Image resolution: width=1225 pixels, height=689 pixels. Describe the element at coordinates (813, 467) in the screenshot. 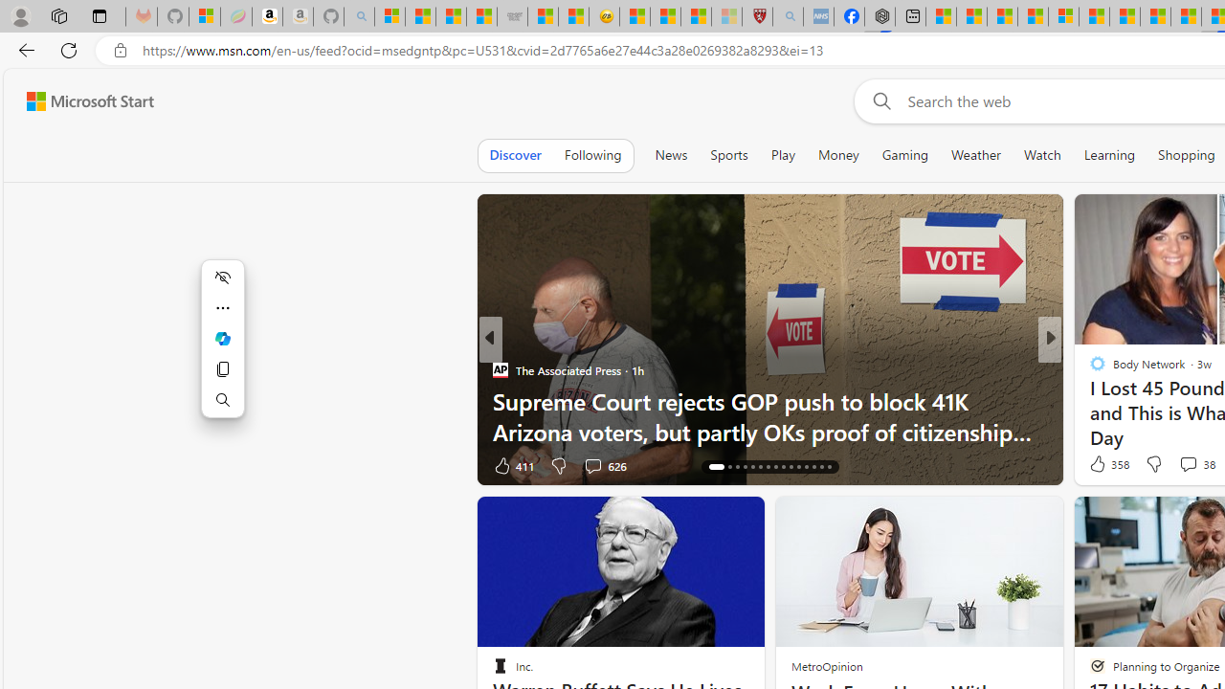

I see `'AutomationID: tab-28'` at that location.